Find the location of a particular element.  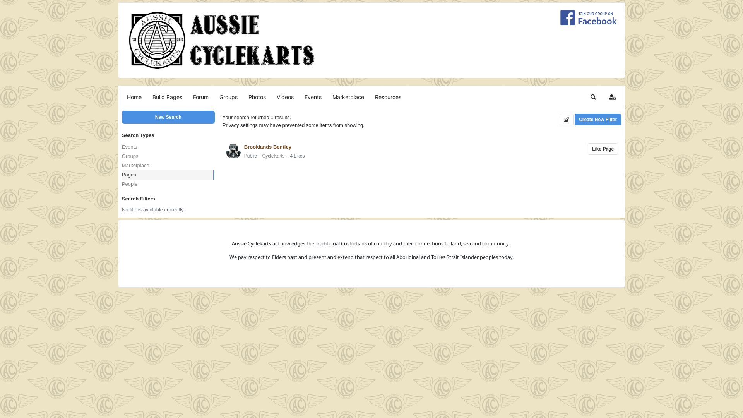

'Forum' is located at coordinates (200, 96).